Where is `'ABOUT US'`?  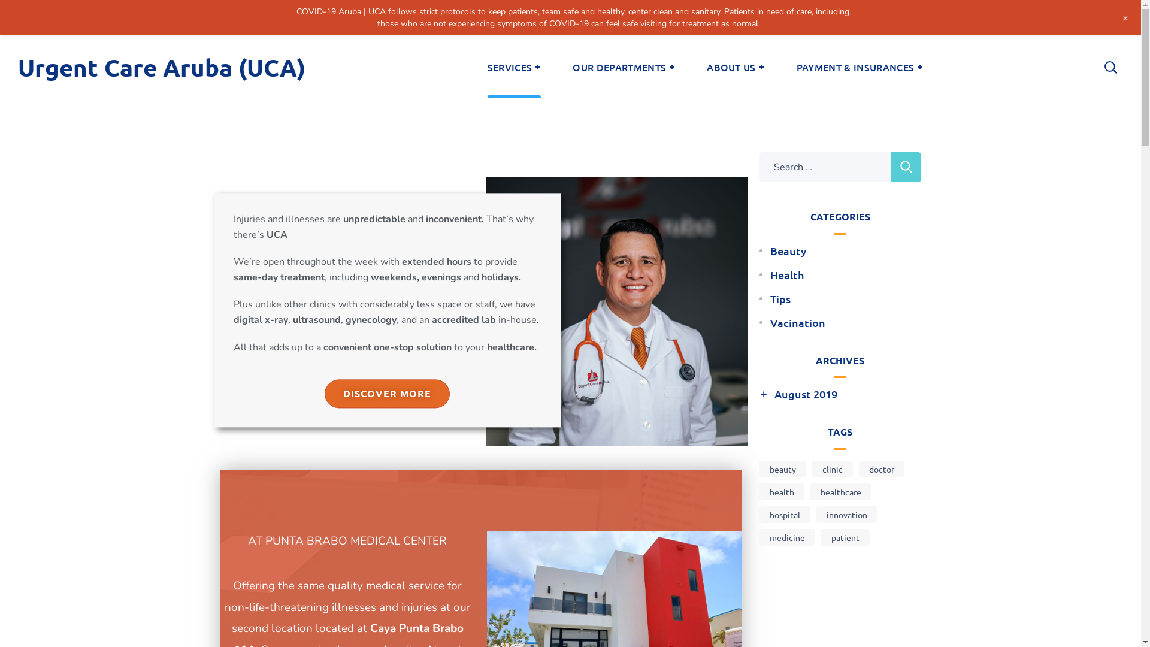 'ABOUT US' is located at coordinates (690, 66).